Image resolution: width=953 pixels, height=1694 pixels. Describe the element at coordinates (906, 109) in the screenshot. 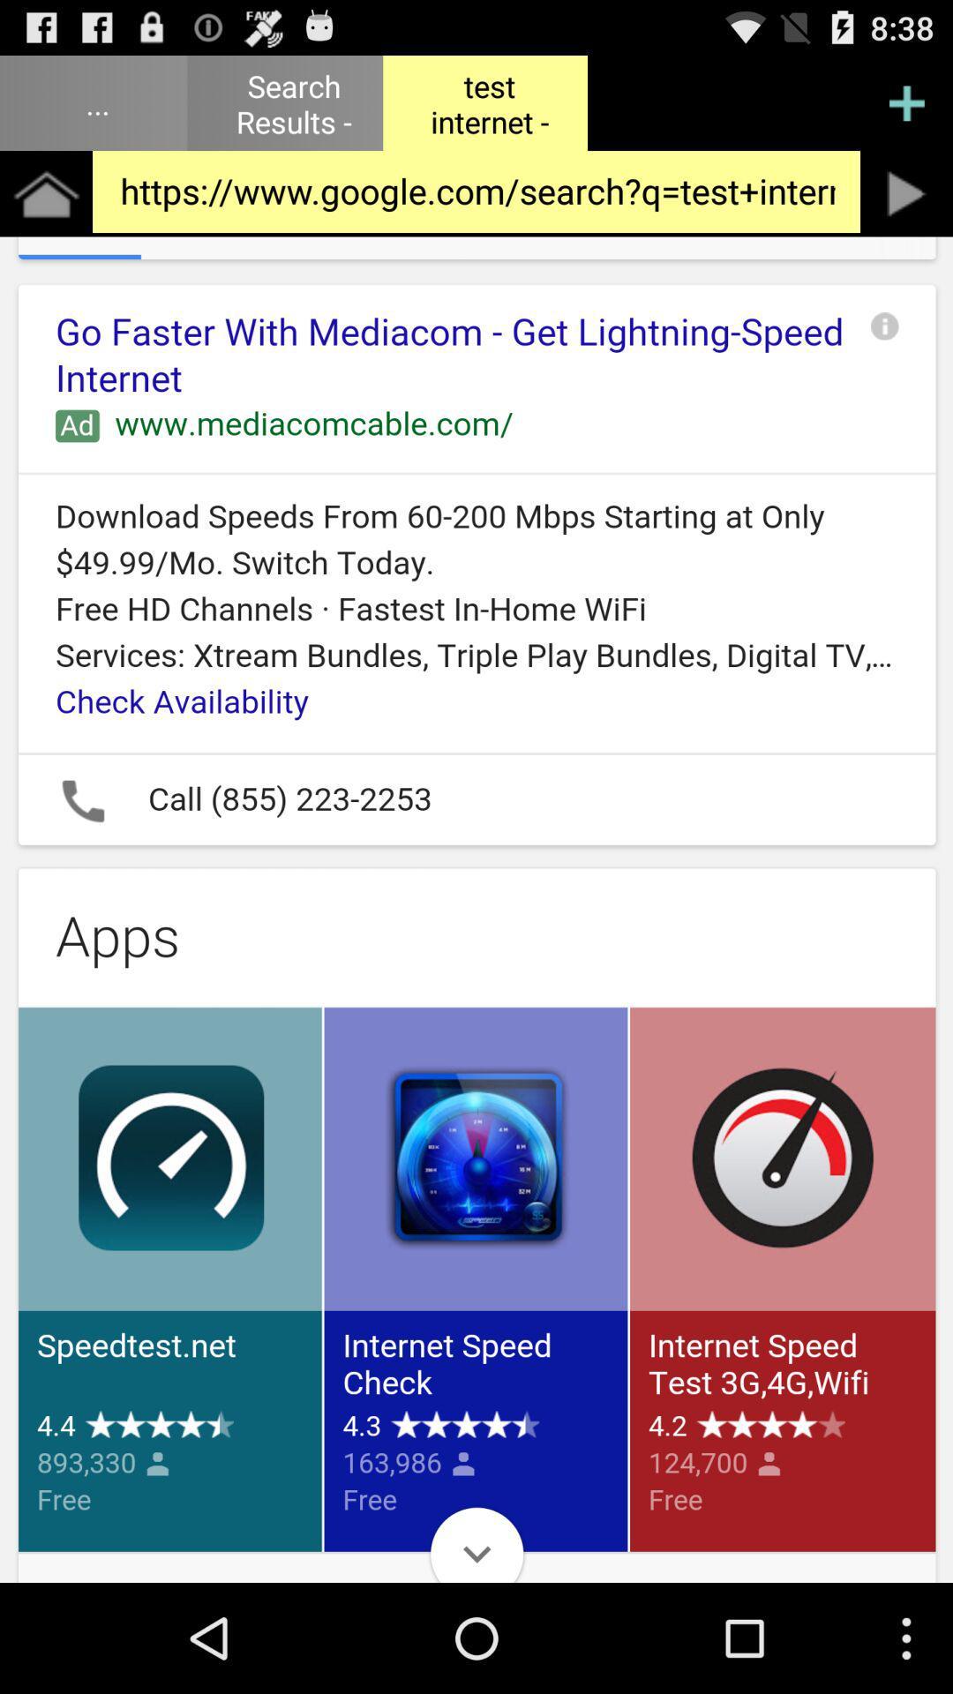

I see `the add icon` at that location.